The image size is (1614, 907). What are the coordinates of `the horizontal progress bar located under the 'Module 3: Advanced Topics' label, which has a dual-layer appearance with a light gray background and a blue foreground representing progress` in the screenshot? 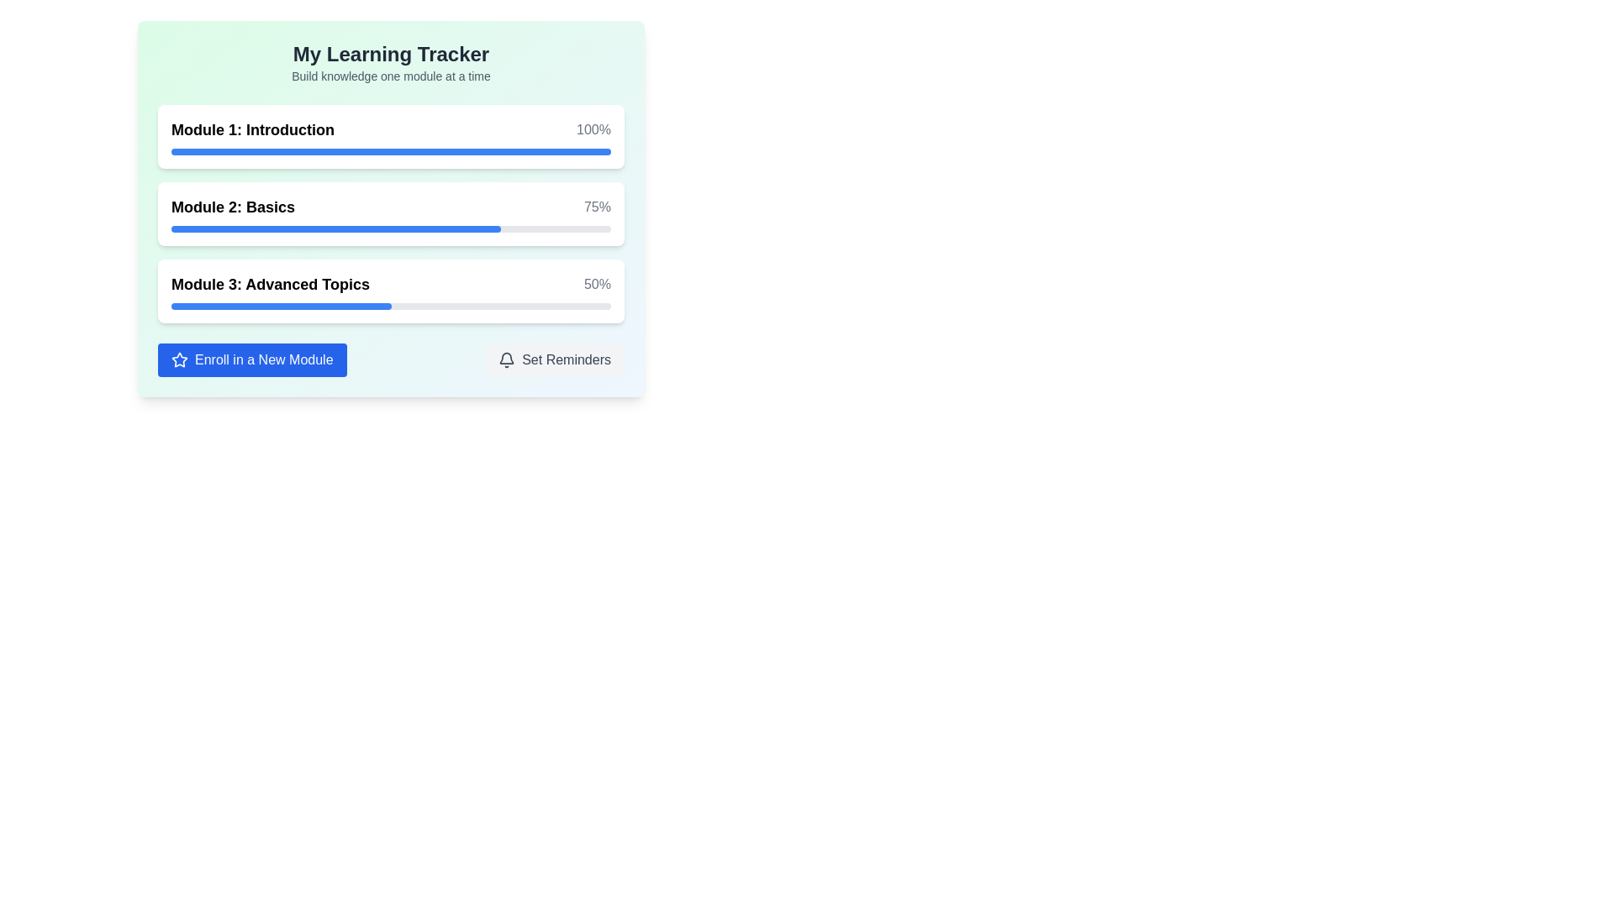 It's located at (390, 307).